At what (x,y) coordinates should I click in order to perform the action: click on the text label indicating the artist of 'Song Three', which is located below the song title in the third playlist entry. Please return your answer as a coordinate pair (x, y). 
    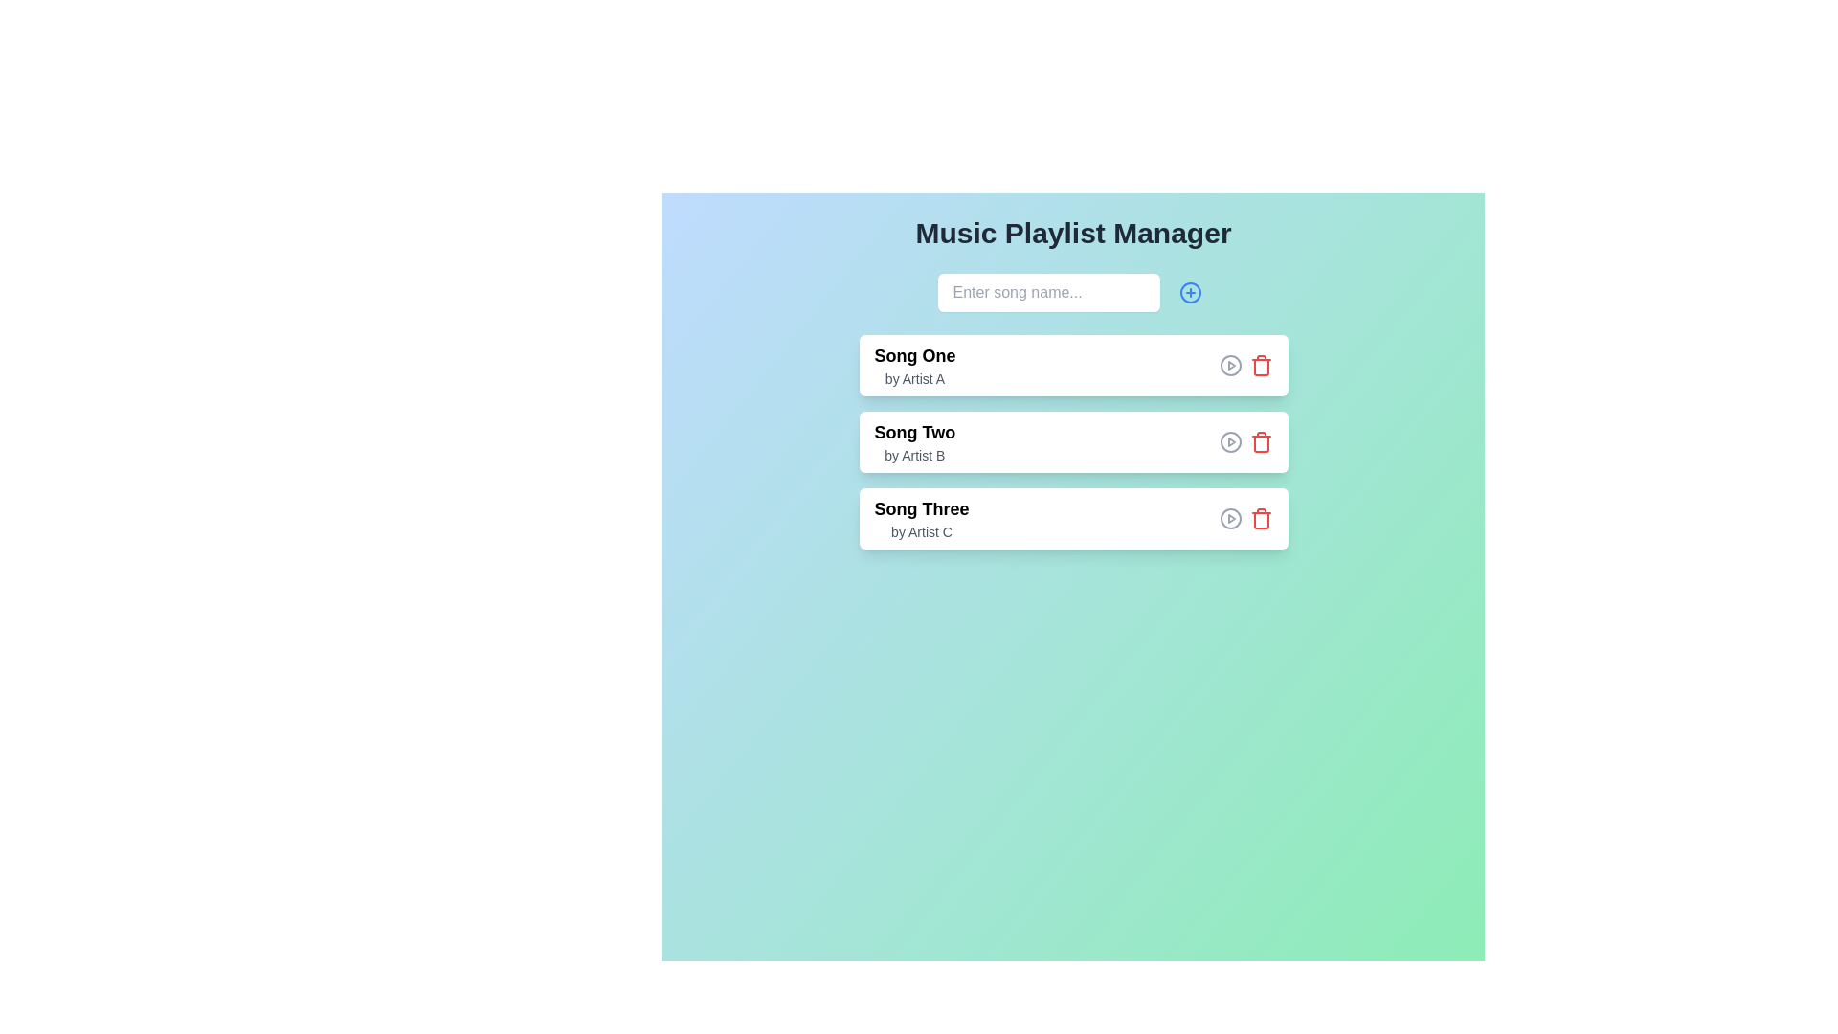
    Looking at the image, I should click on (922, 531).